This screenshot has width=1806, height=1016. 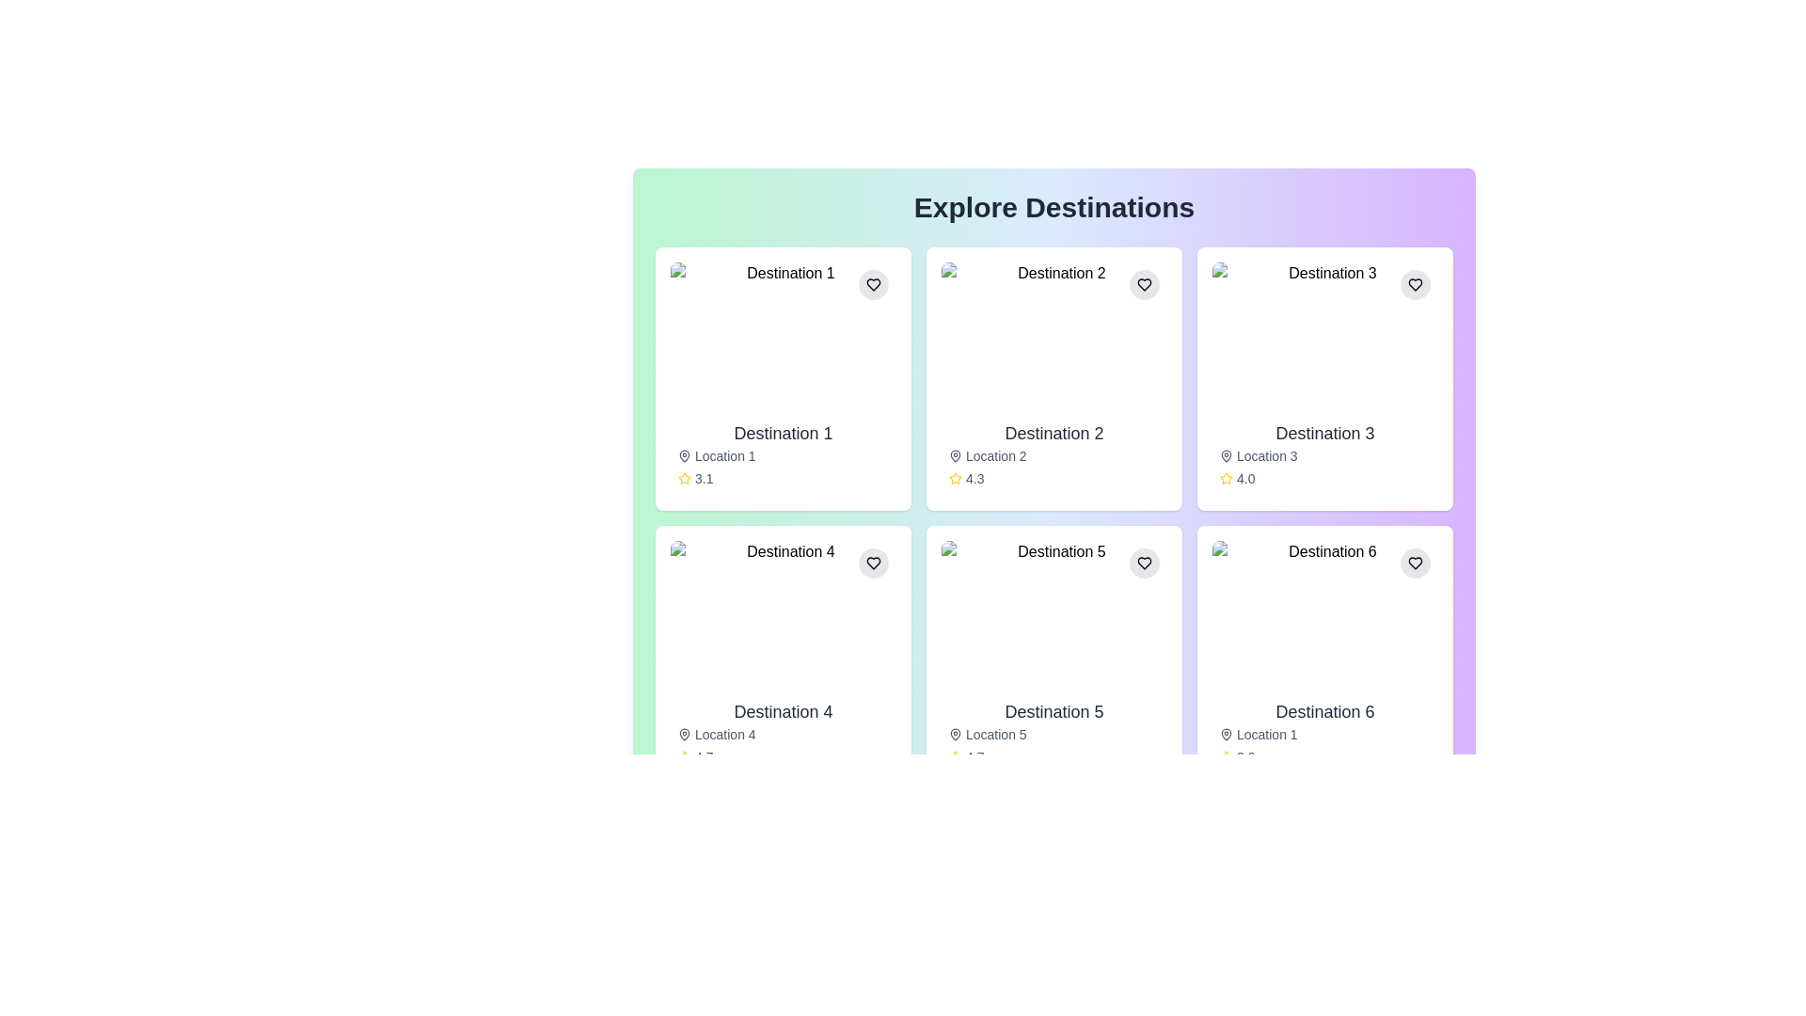 I want to click on the central area of the destination card labeled 'Destination 6' in the 'Explore Destinations' grid to interact with it, so click(x=1324, y=616).